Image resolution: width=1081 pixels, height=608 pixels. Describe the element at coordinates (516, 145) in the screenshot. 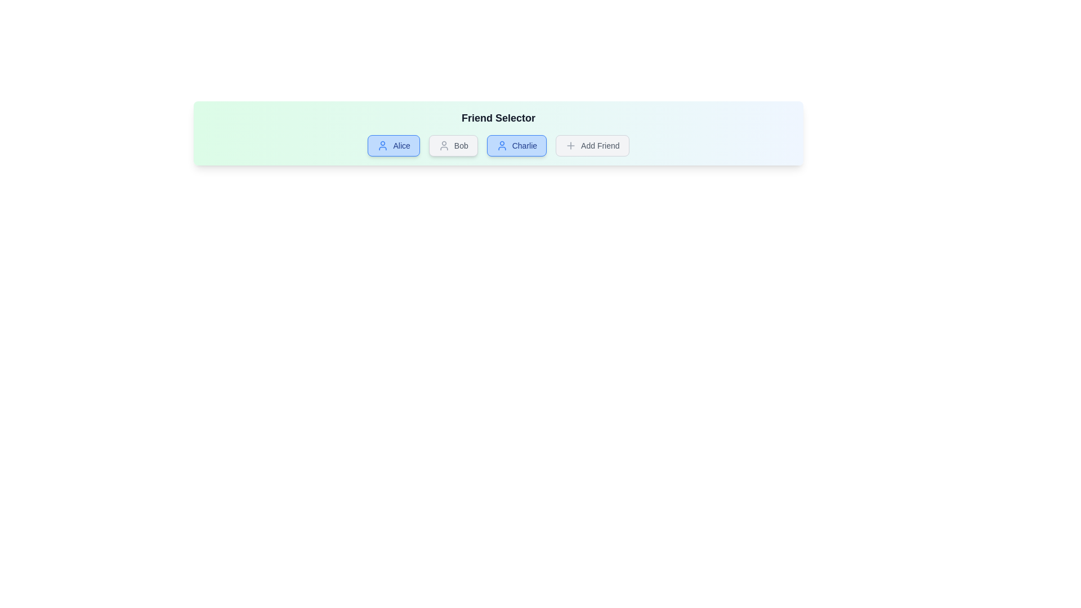

I see `the friend button labeled Charlie to toggle its selection status` at that location.